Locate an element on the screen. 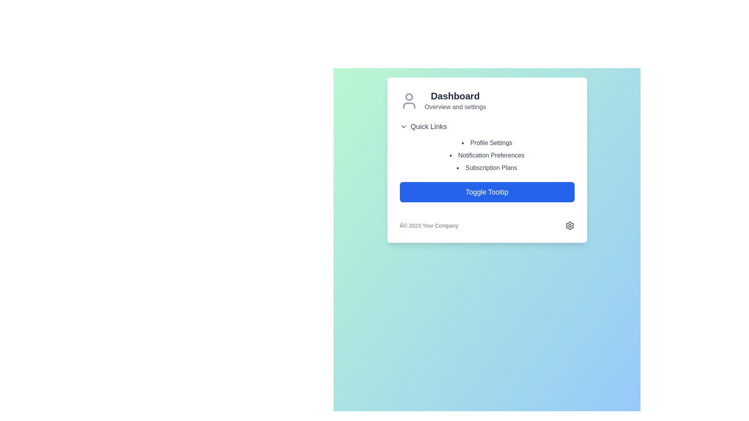  the 'Subscription Plans' text label, which is the third item in the vertical list under the 'Quick Links' section is located at coordinates (486, 168).